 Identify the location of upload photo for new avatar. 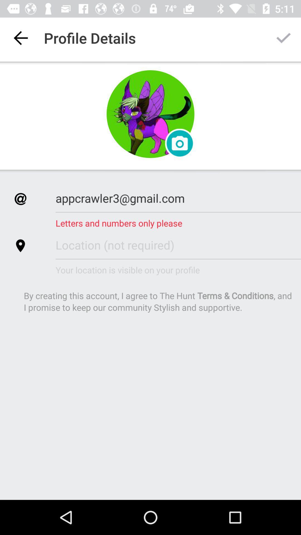
(179, 143).